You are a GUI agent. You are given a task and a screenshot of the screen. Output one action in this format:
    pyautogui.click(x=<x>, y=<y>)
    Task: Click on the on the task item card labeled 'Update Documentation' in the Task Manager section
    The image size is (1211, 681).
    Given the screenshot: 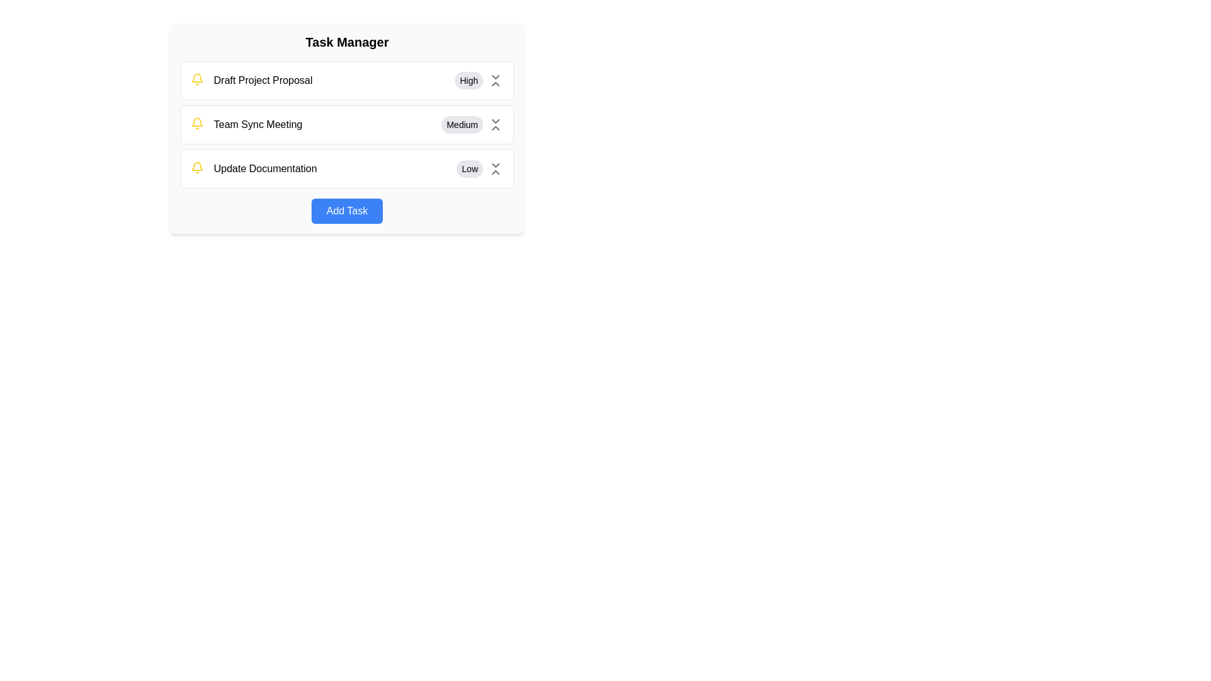 What is the action you would take?
    pyautogui.click(x=347, y=168)
    